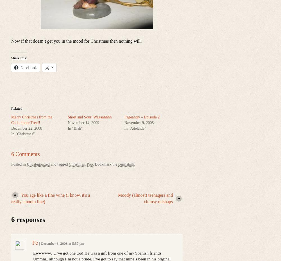  Describe the element at coordinates (92, 164) in the screenshot. I see `'. Bookmark the'` at that location.